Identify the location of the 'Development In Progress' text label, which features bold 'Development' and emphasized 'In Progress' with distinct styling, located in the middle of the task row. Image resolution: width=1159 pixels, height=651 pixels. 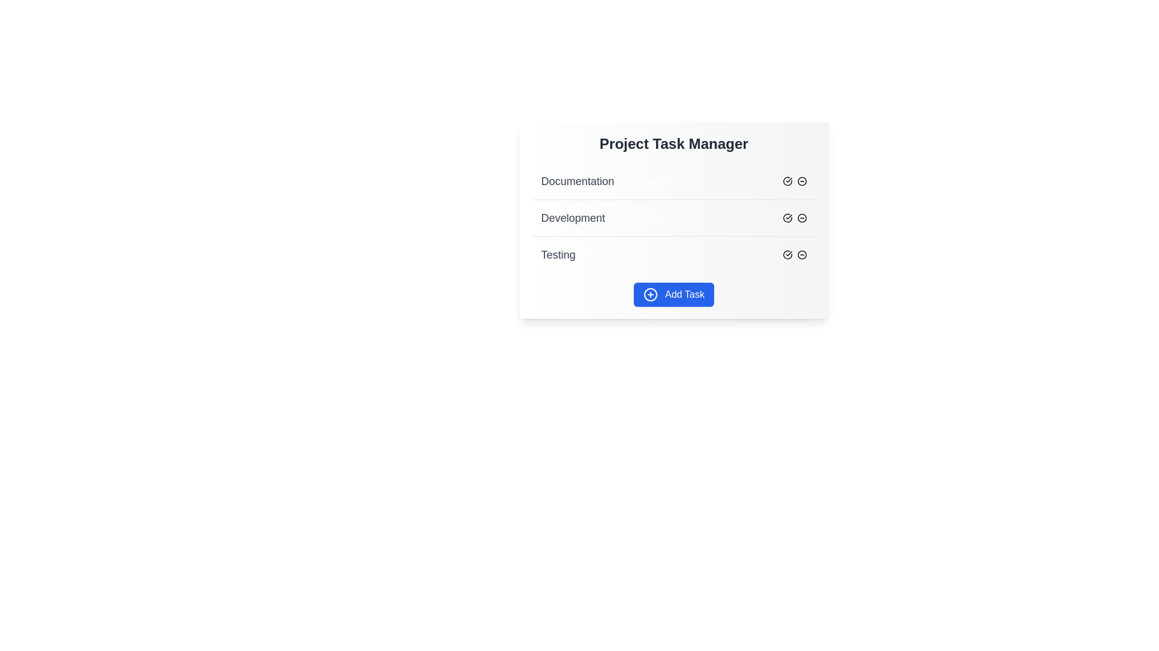
(603, 218).